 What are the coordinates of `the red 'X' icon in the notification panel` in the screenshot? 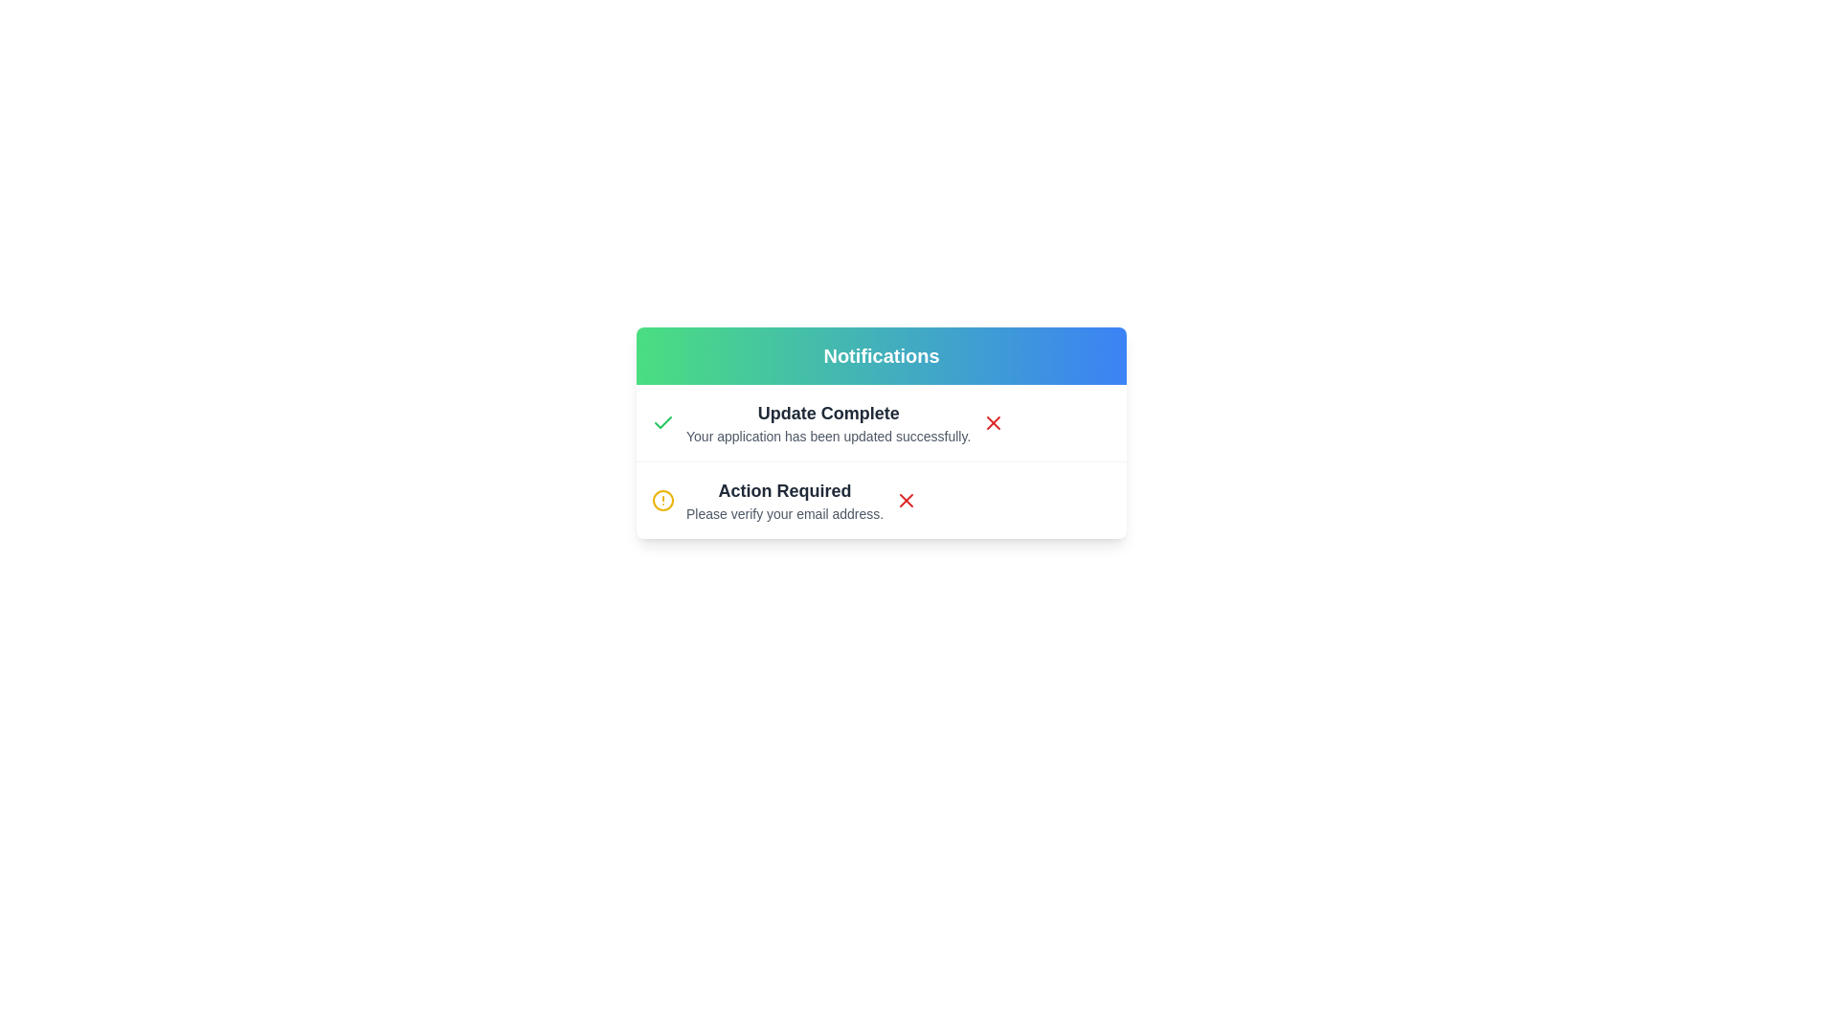 It's located at (994, 422).